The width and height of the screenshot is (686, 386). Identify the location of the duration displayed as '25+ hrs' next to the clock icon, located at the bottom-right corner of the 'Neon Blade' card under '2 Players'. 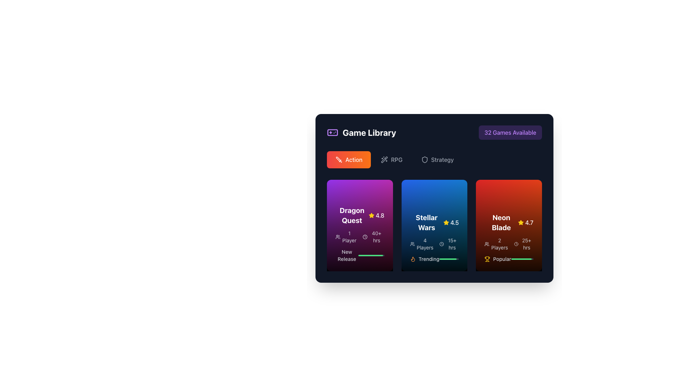
(523, 243).